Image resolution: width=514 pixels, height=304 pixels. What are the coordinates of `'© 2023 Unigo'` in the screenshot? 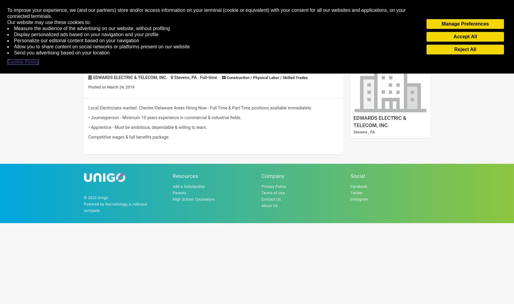 It's located at (95, 198).